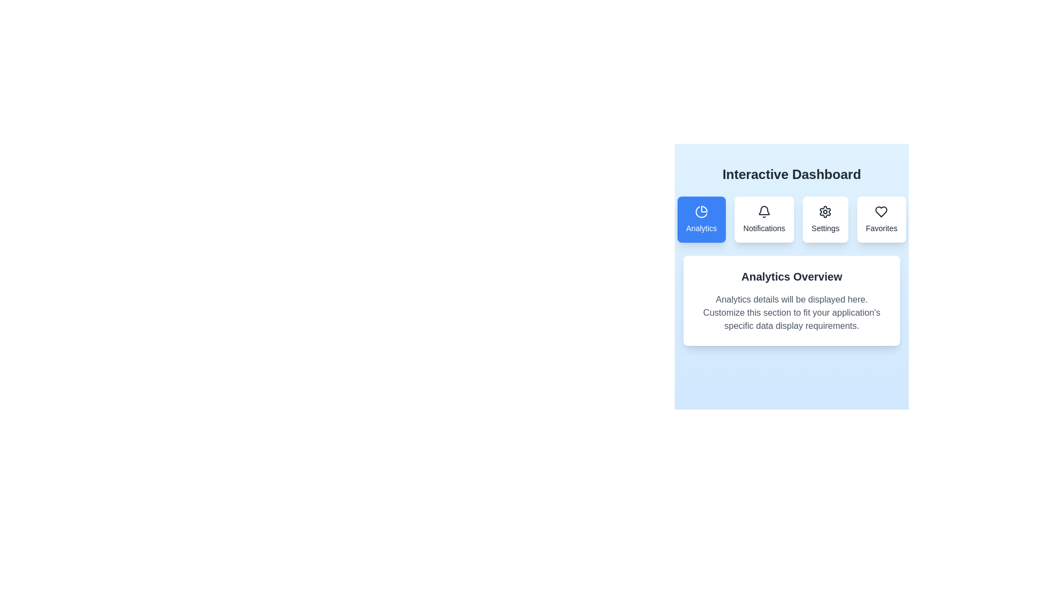 The width and height of the screenshot is (1055, 593). What do you see at coordinates (763, 211) in the screenshot?
I see `the notification bell icon, which is styled as a minimalist outline with a rounded top and flared base, located at the center of the notification button in the top row of options` at bounding box center [763, 211].